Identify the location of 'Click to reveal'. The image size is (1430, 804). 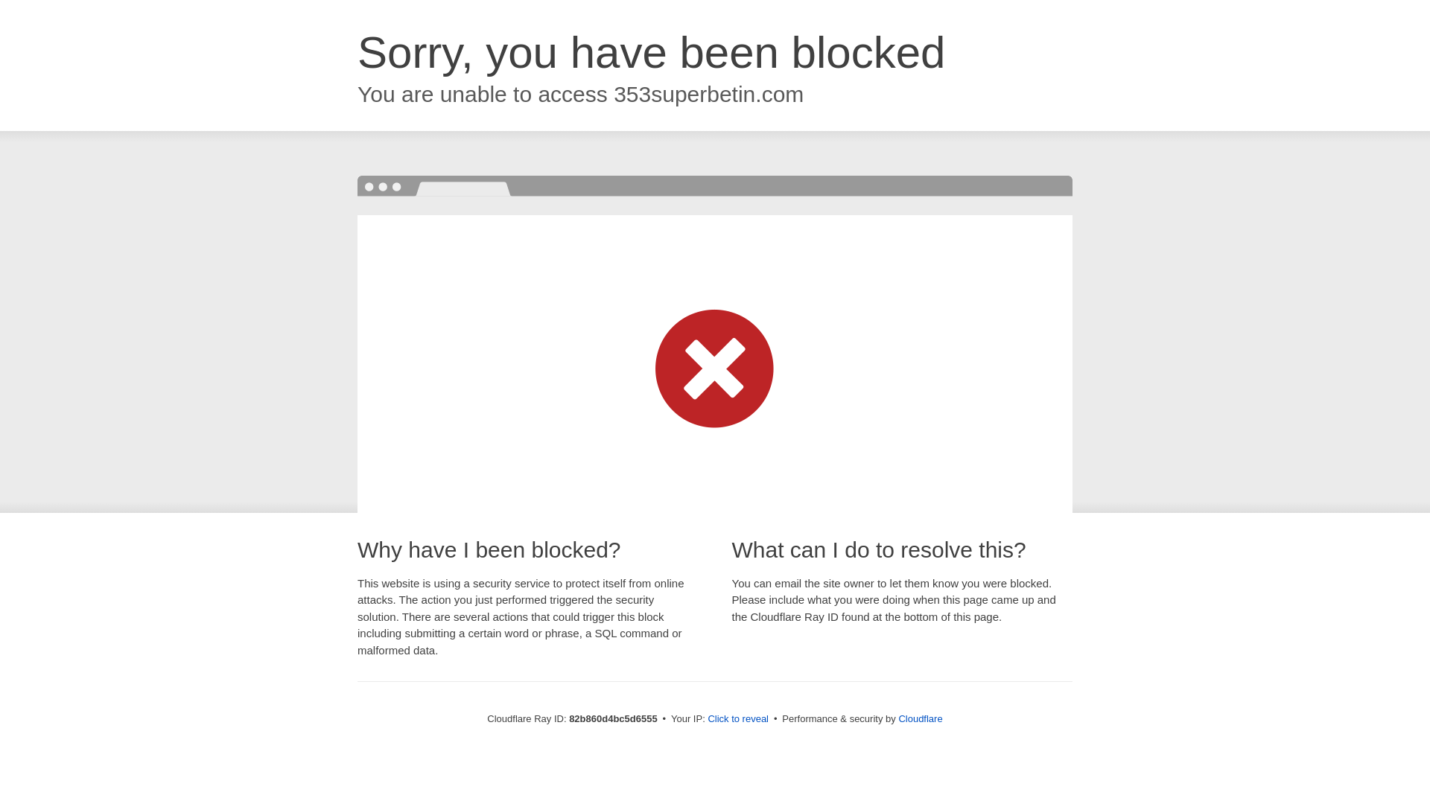
(737, 718).